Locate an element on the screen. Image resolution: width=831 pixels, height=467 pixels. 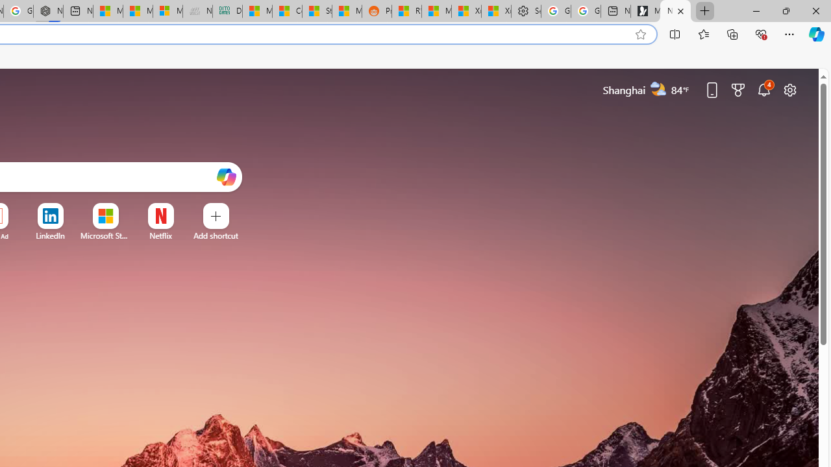
'R******* | Trusted Community Engagement and Contributions' is located at coordinates (406, 11).